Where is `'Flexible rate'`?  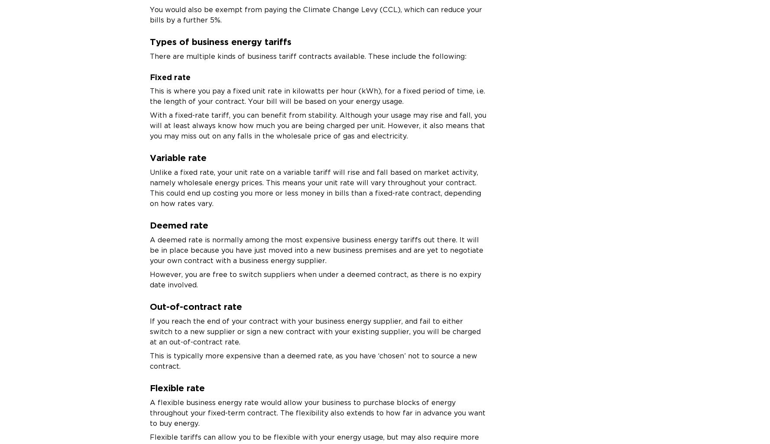 'Flexible rate' is located at coordinates (177, 387).